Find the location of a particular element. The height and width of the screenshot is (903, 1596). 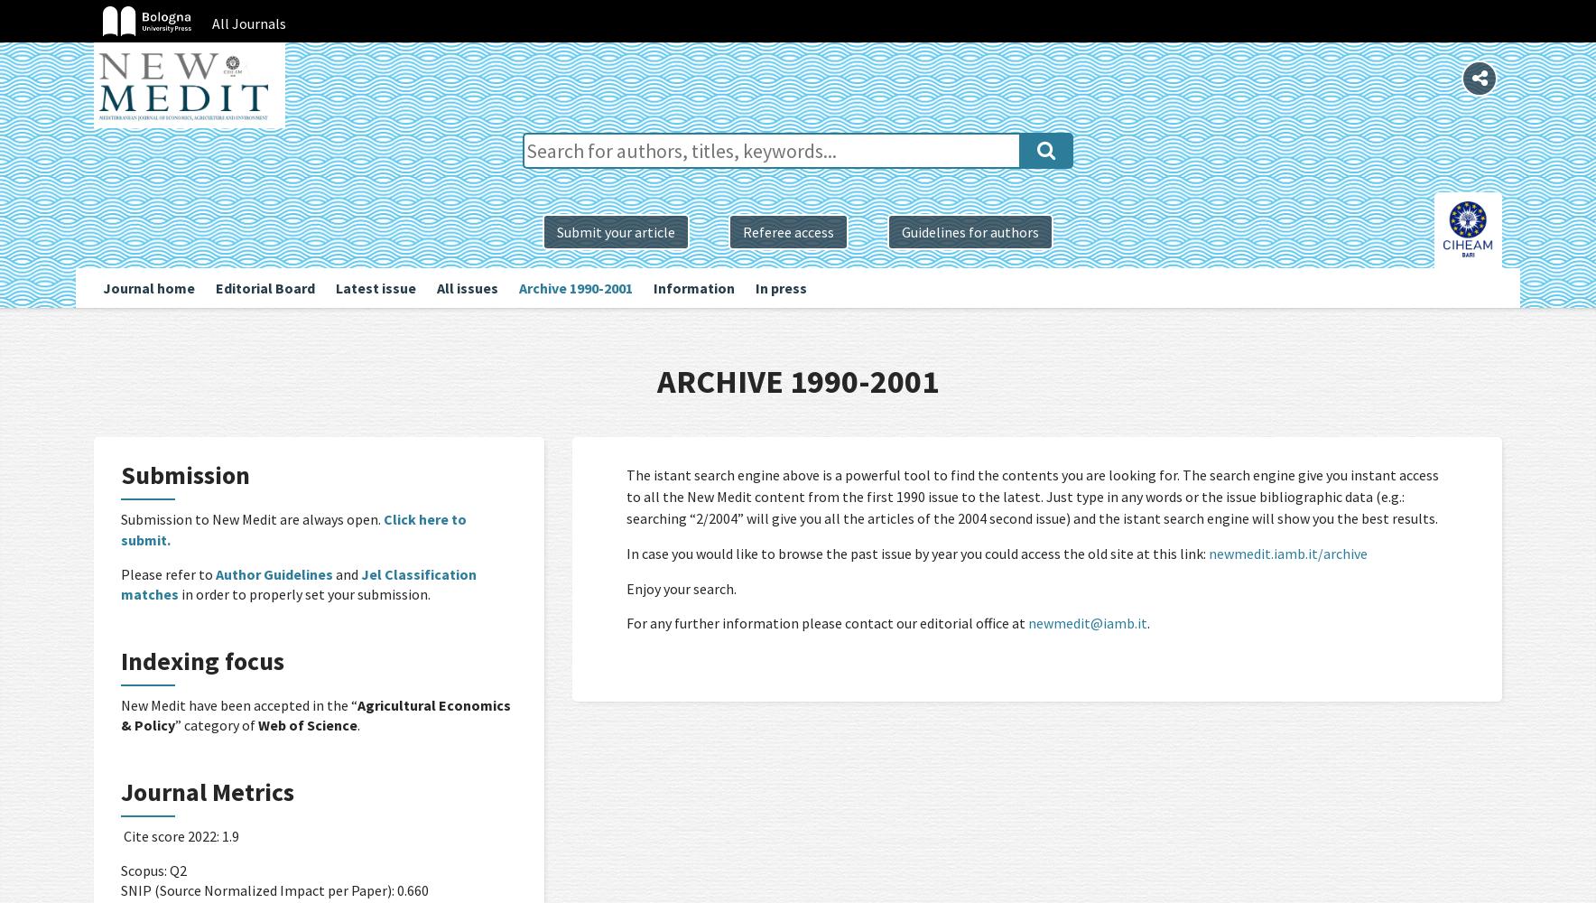

'Author Guidelines' is located at coordinates (274, 573).